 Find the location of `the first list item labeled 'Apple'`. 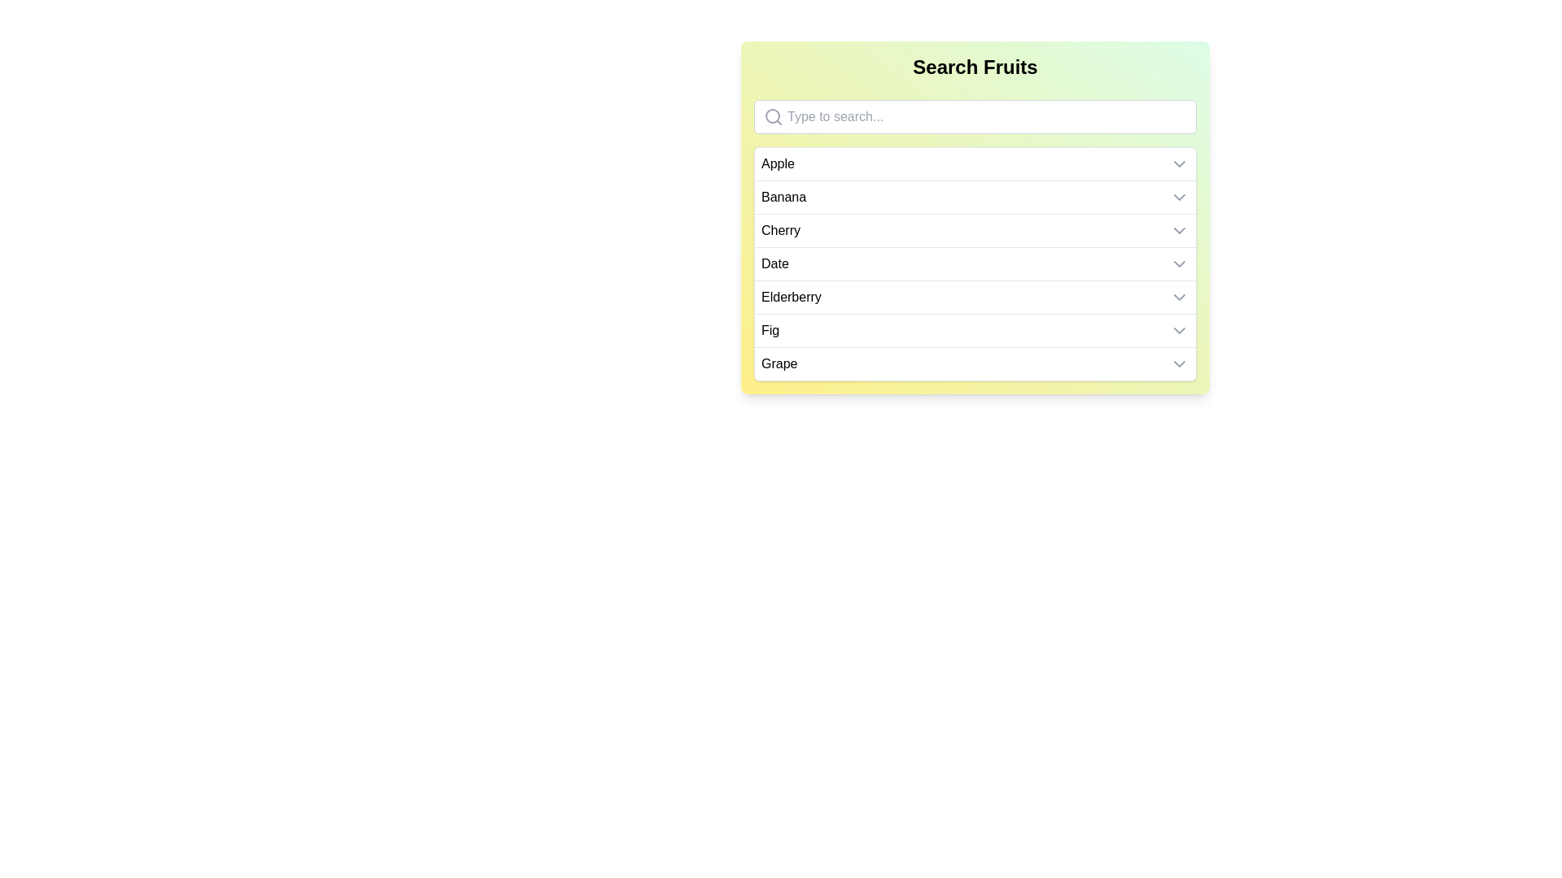

the first list item labeled 'Apple' is located at coordinates (975, 163).